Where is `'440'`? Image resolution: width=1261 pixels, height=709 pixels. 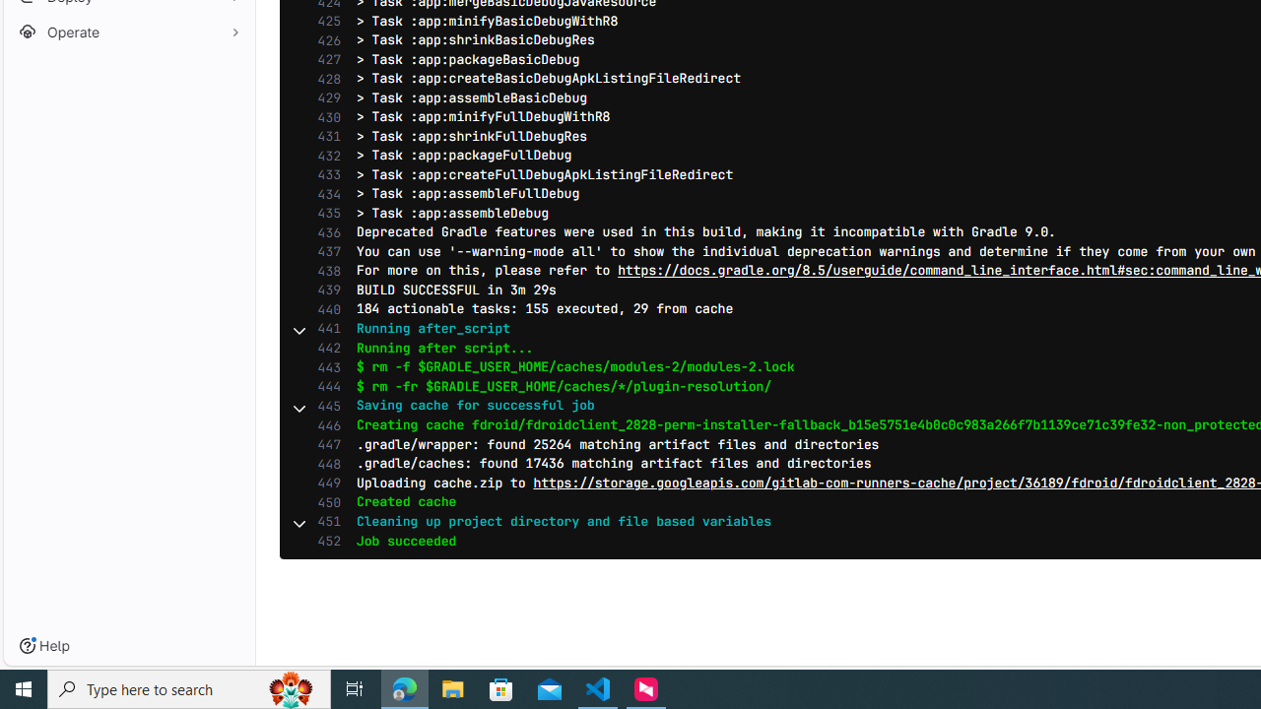 '440' is located at coordinates (324, 309).